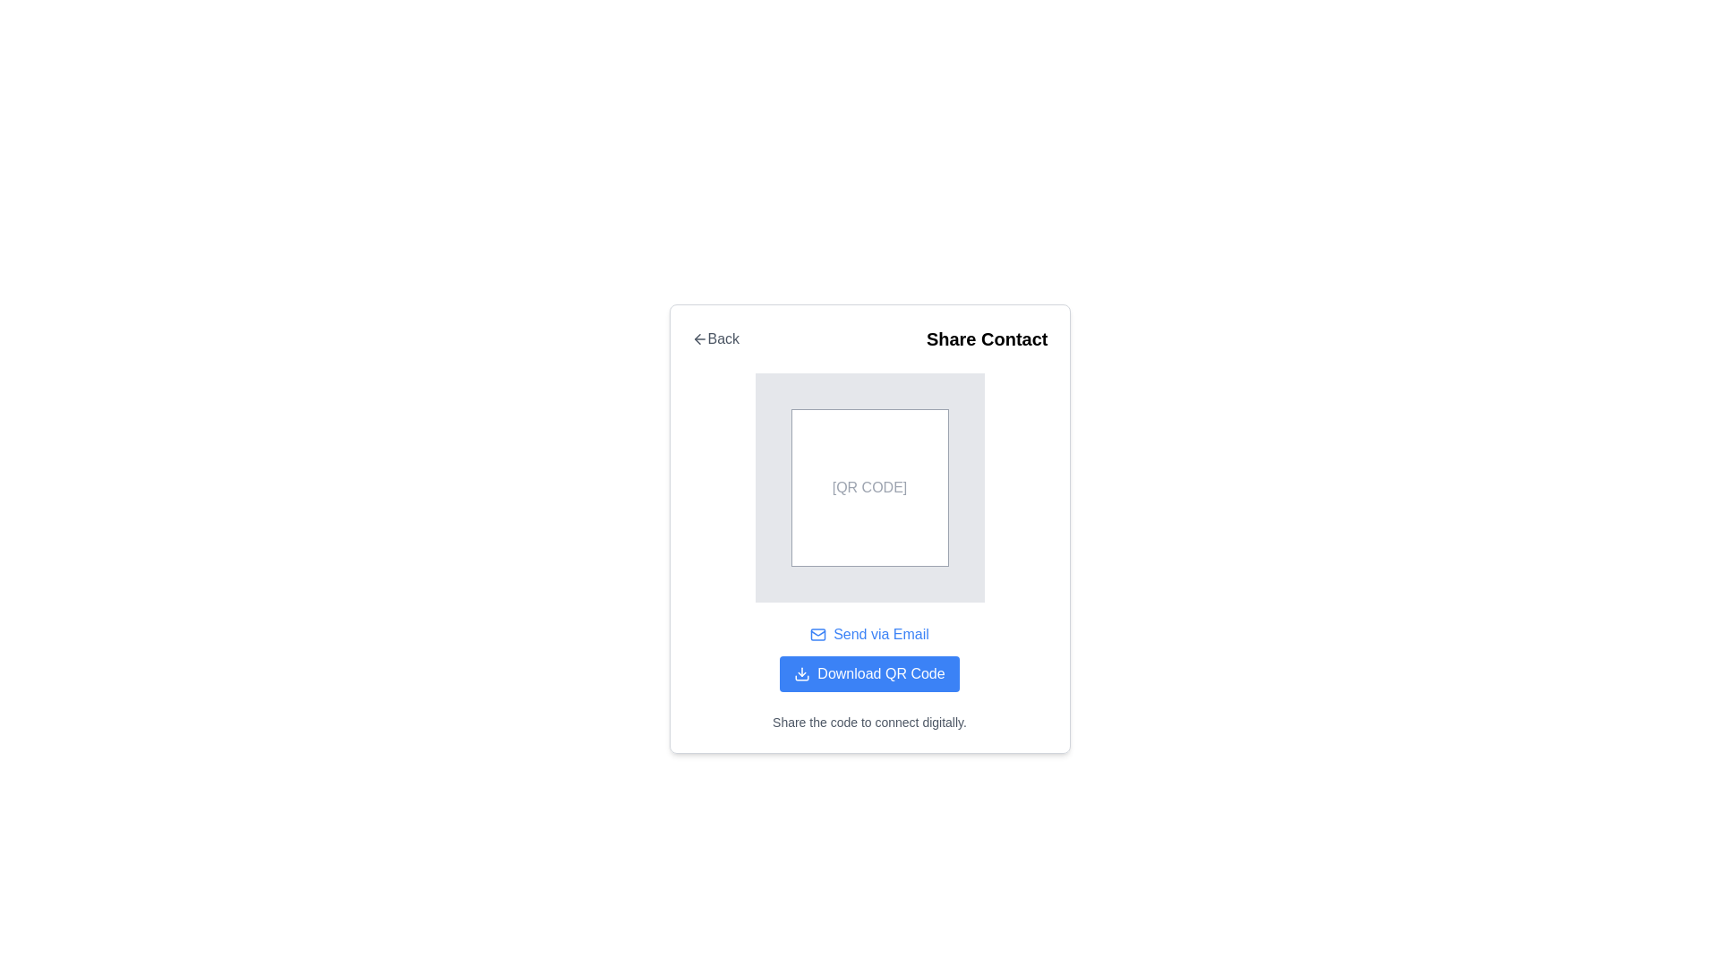  I want to click on the download button located below the 'Send via Email' link to initiate the download of the displayed QR code, so click(869, 673).